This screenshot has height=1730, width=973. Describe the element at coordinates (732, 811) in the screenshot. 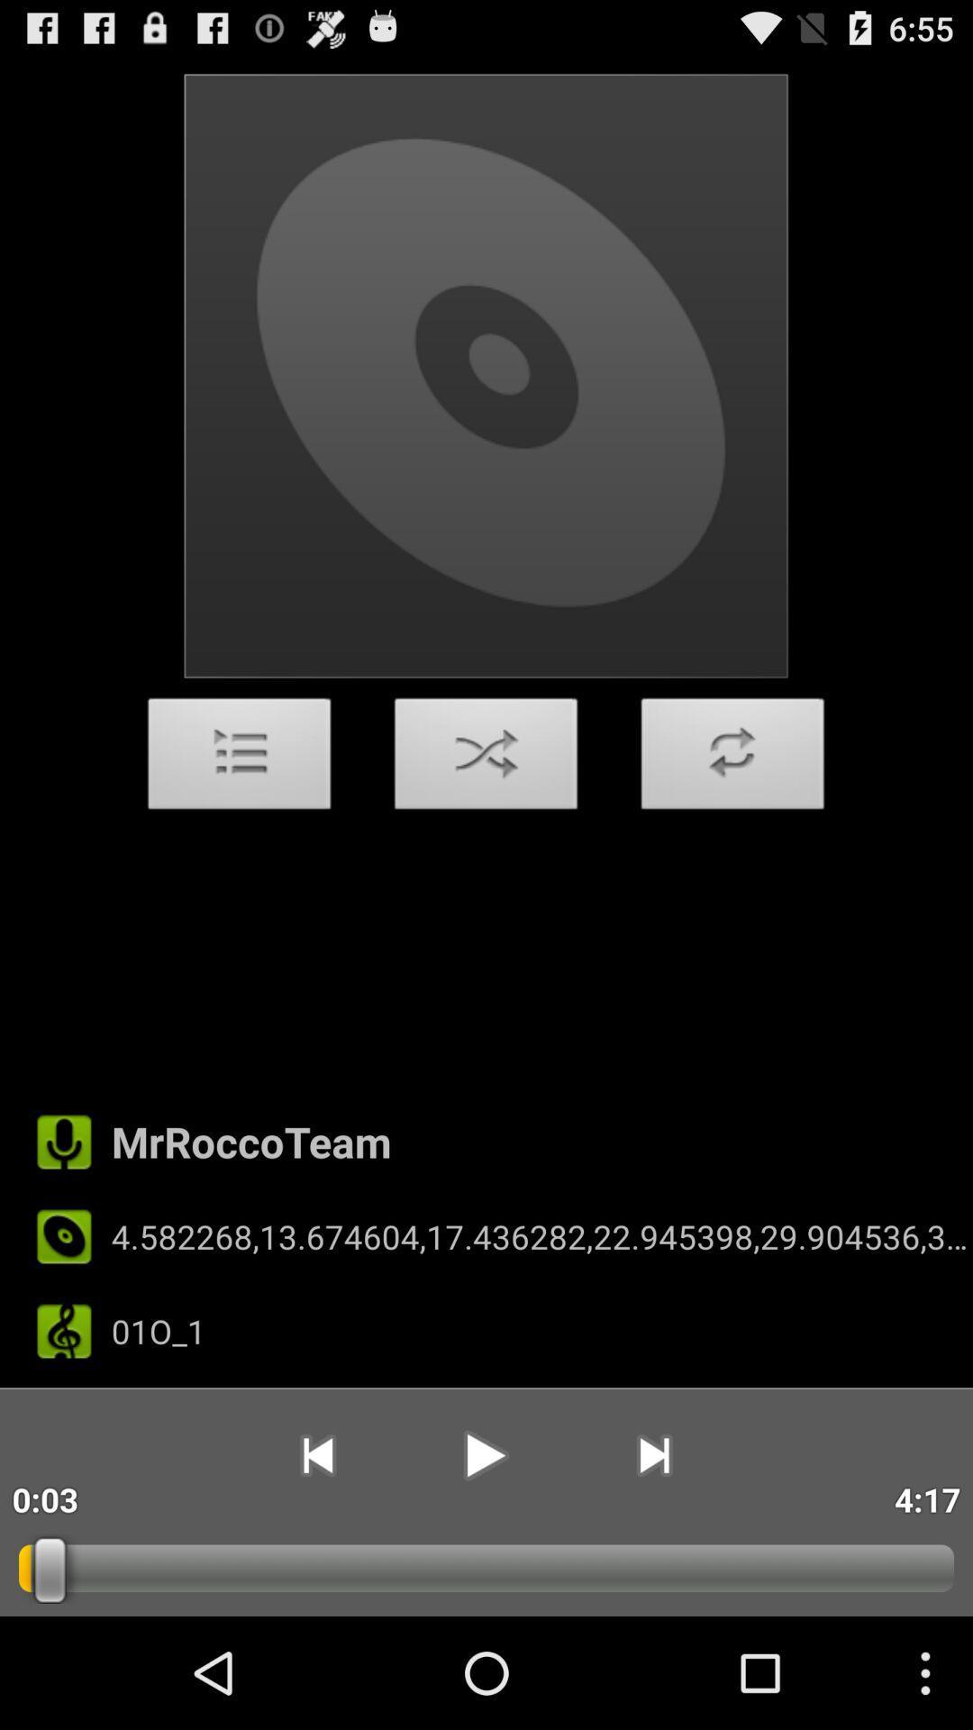

I see `the add icon` at that location.